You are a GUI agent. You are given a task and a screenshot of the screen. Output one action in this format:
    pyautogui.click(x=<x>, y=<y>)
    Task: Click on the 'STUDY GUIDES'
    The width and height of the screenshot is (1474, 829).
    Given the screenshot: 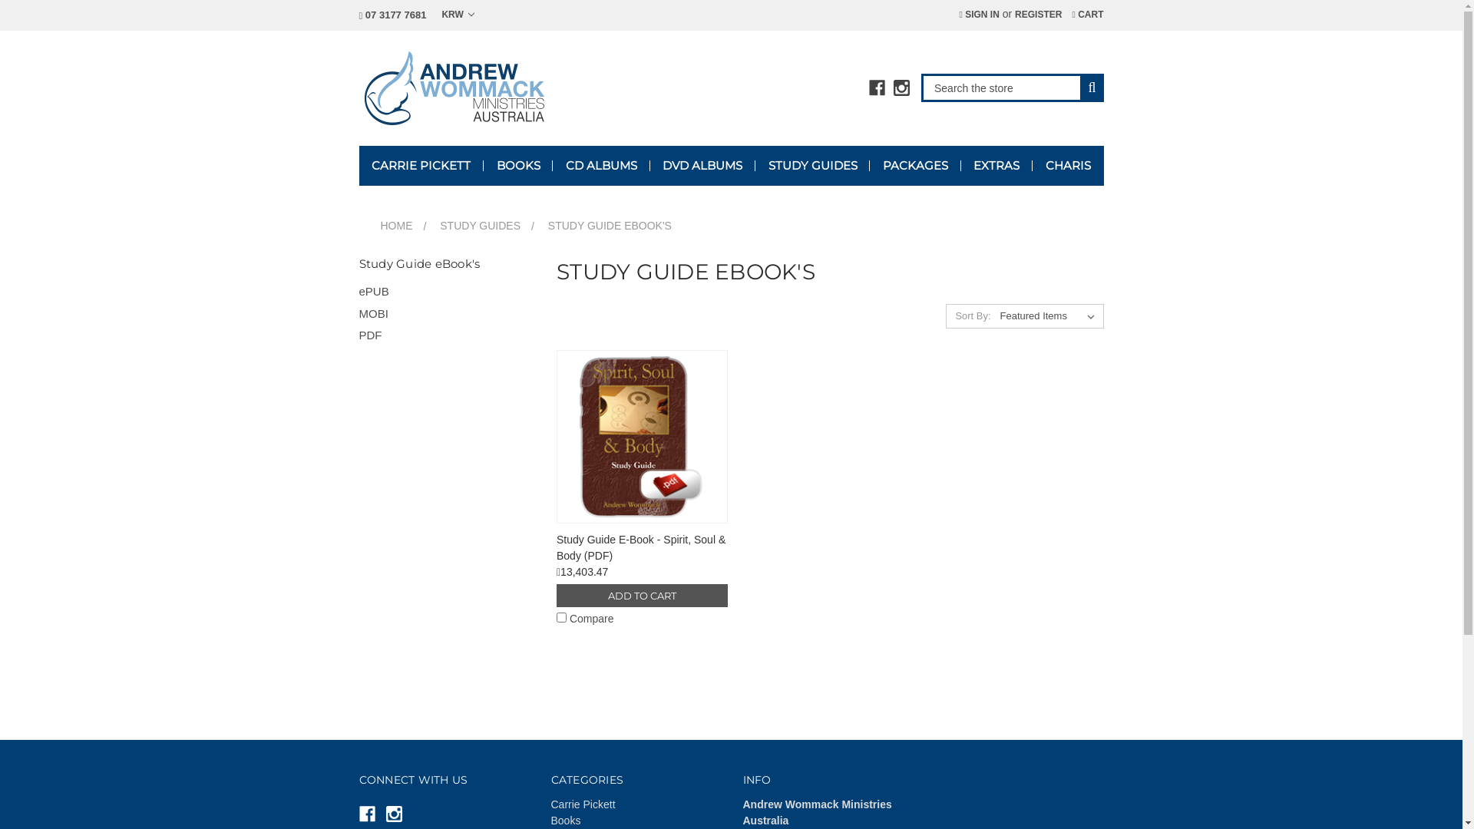 What is the action you would take?
    pyautogui.click(x=479, y=225)
    